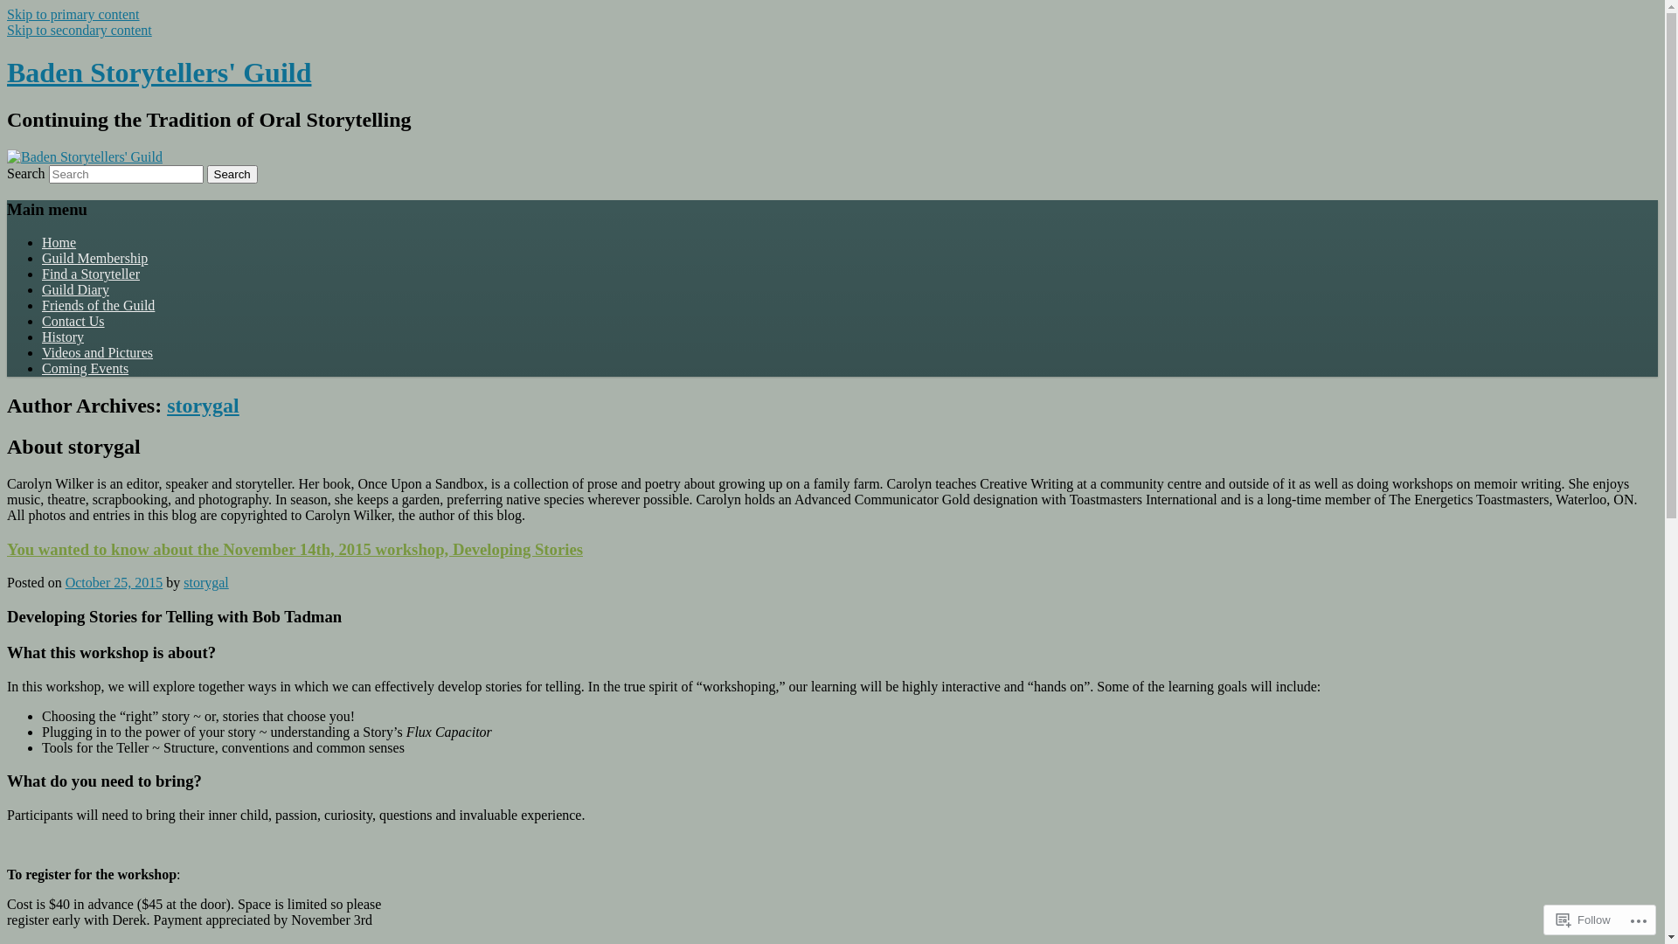 The width and height of the screenshot is (1678, 944). I want to click on 'Home', so click(59, 242).